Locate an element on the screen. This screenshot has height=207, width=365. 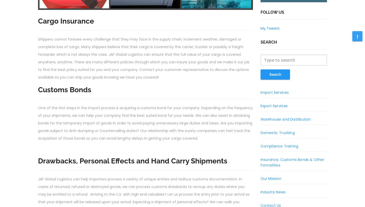
'My Tweets' is located at coordinates (270, 28).